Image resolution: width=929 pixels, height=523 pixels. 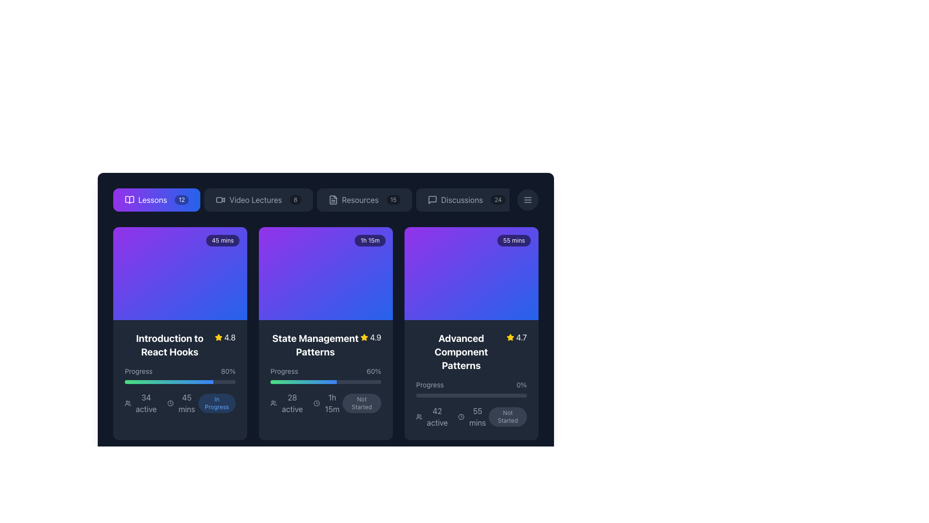 What do you see at coordinates (471, 404) in the screenshot?
I see `the informational display card section located in the lower area of the third card, which corresponds to the 'Advanced Component Patterns' course` at bounding box center [471, 404].